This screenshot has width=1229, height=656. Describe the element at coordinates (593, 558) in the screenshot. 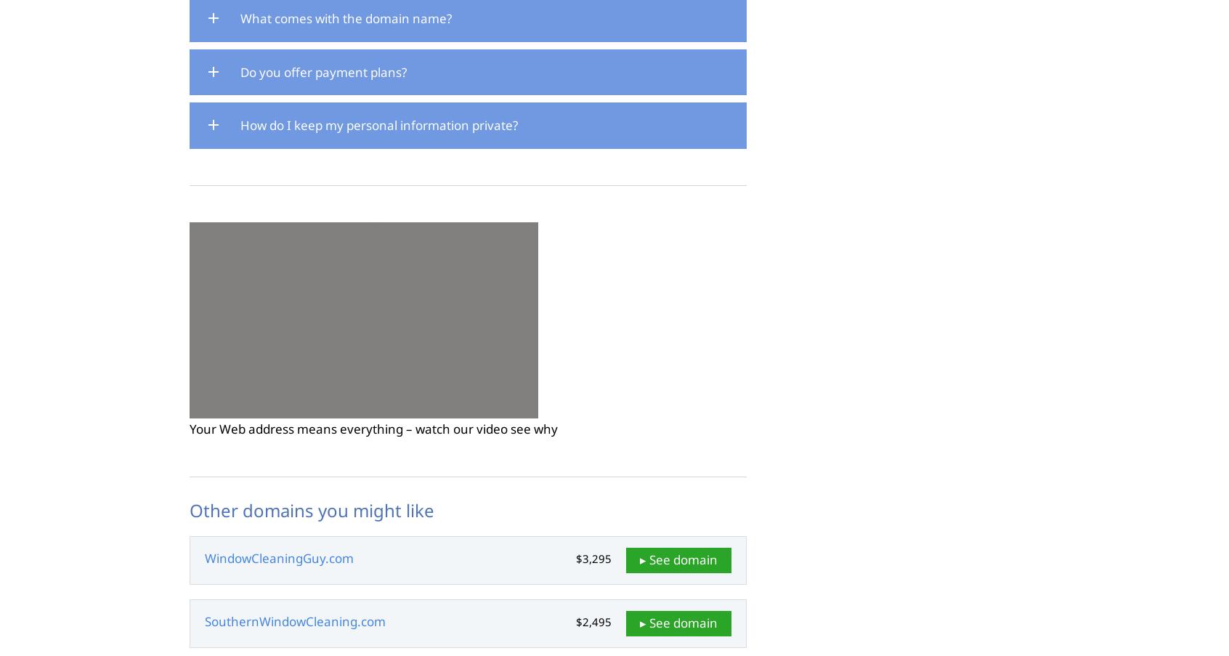

I see `'$3,295'` at that location.